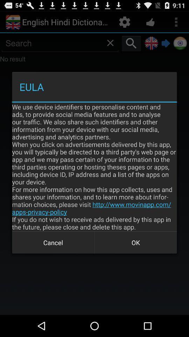 The height and width of the screenshot is (337, 189). I want to click on the item to the left of ok button, so click(53, 243).